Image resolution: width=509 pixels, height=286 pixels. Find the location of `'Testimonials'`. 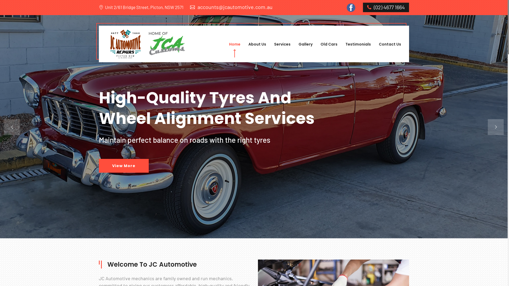

'Testimonials' is located at coordinates (358, 44).